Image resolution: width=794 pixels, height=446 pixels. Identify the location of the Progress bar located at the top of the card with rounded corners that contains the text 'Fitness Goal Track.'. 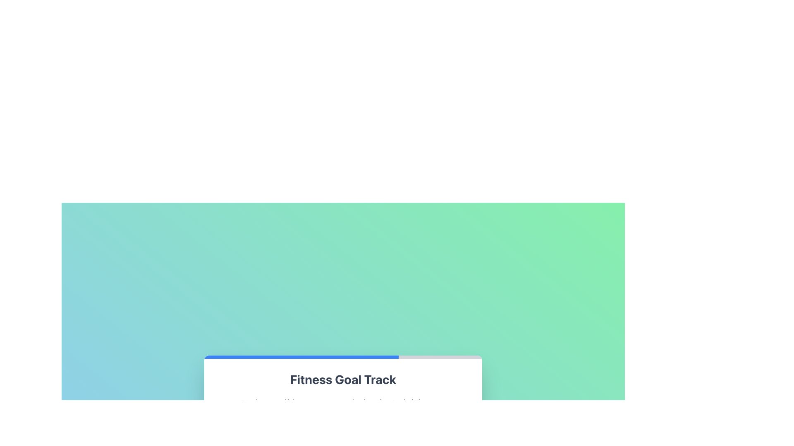
(343, 356).